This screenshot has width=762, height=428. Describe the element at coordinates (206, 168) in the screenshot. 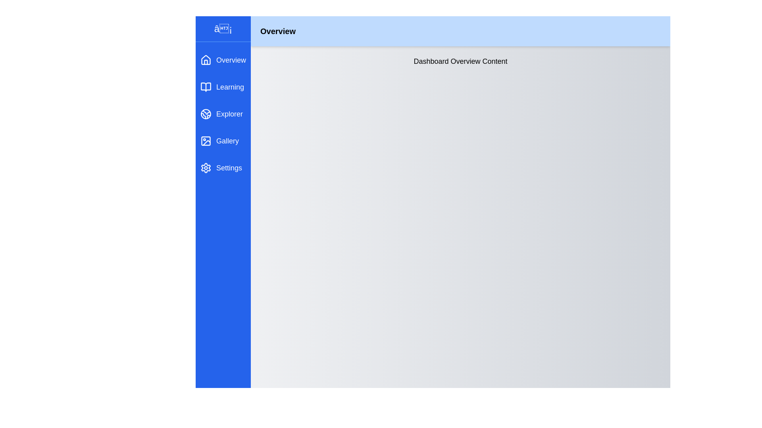

I see `the settings gear icon located in the vertical sidebar menu, which is the last item in the list of navigational icons` at that location.